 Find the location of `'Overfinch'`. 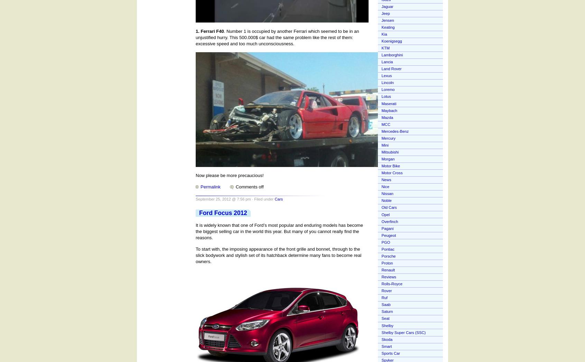

'Overfinch' is located at coordinates (390, 221).